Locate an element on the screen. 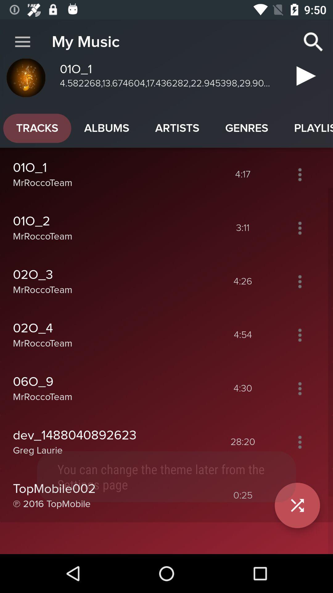  more is located at coordinates (299, 281).